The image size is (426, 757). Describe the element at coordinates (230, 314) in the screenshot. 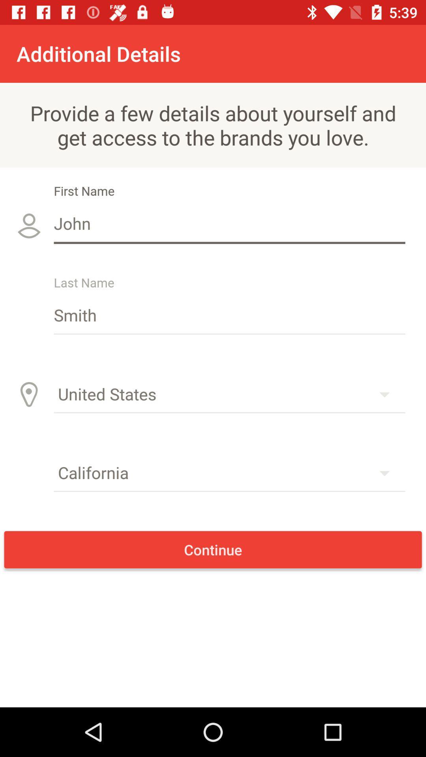

I see `the smith icon` at that location.